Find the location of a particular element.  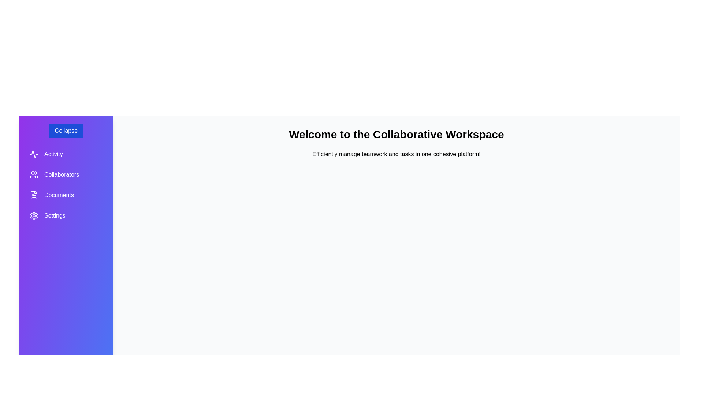

the non-interactive element labeled Welcome to the Collaborative Workspace is located at coordinates (396, 134).